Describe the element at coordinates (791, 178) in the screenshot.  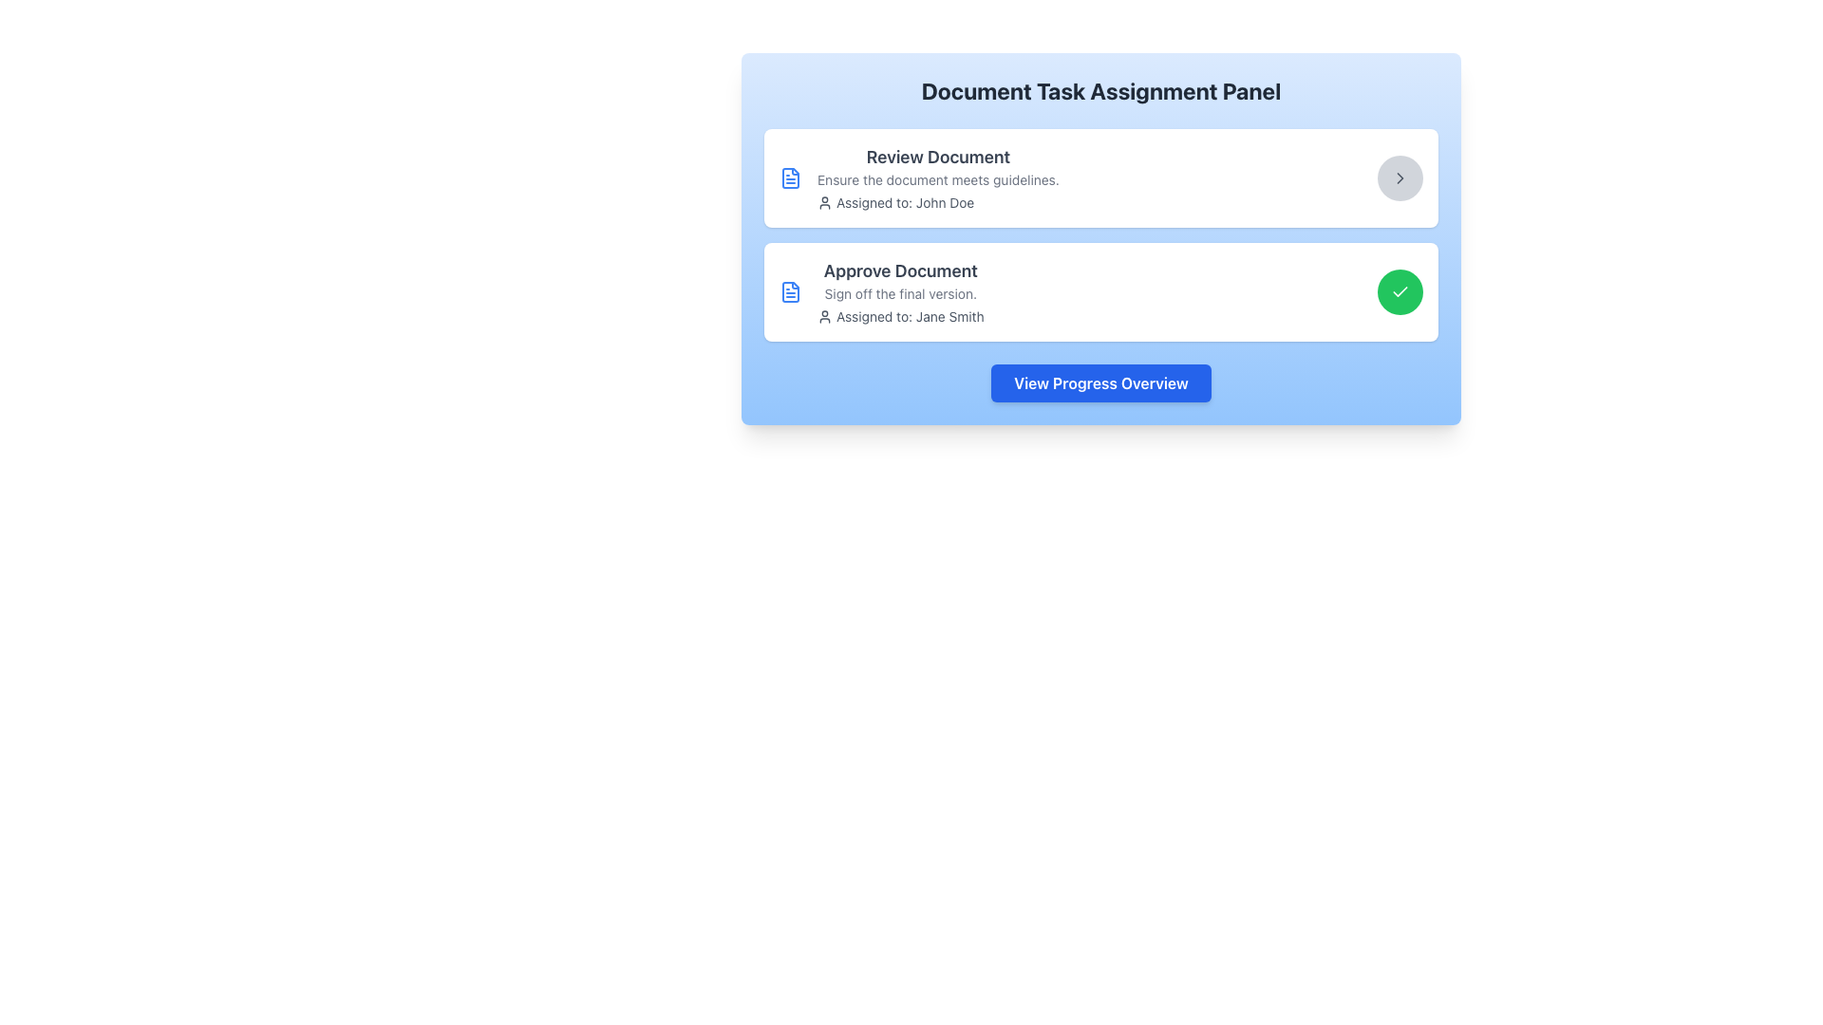
I see `the document icon with a blue outline and line patterns, located to the left of the 'Review Document' task title text in the task description box` at that location.